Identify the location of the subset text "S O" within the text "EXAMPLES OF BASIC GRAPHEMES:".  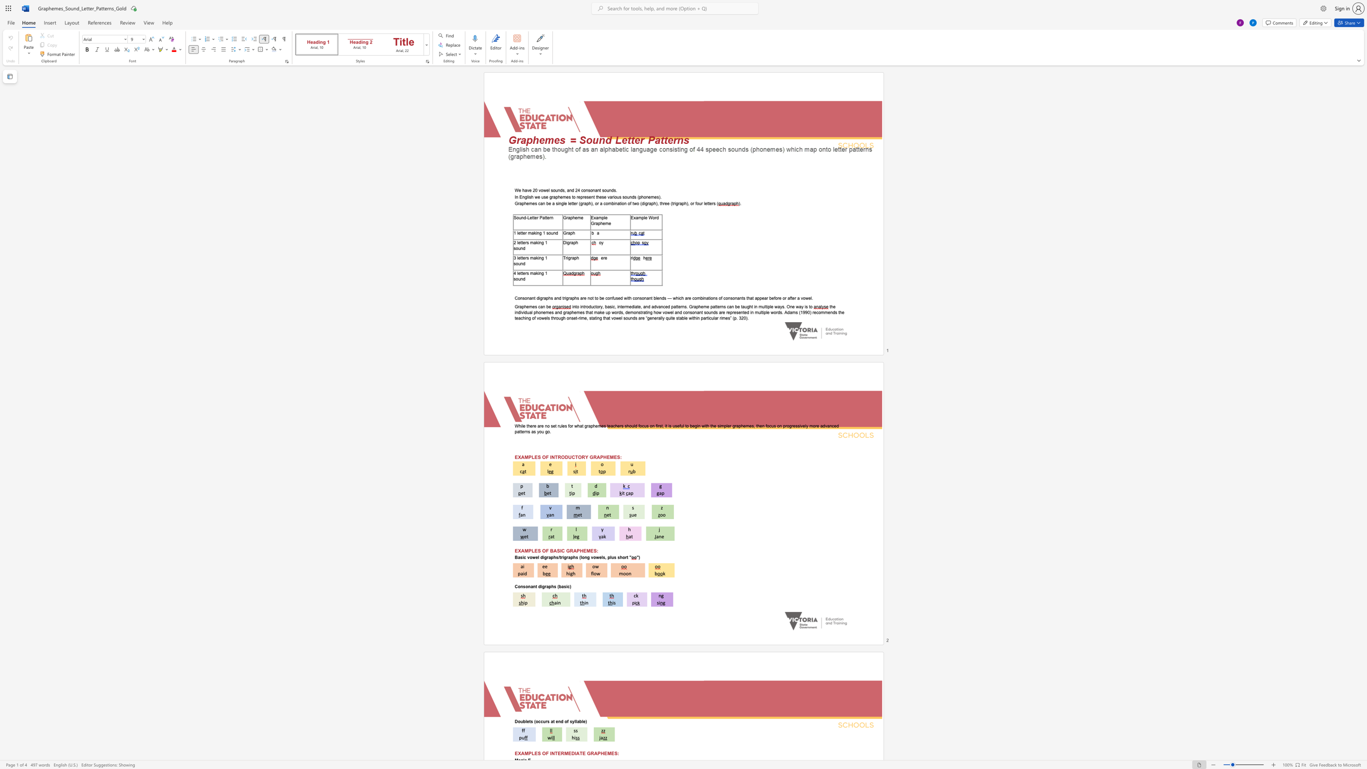
(537, 551).